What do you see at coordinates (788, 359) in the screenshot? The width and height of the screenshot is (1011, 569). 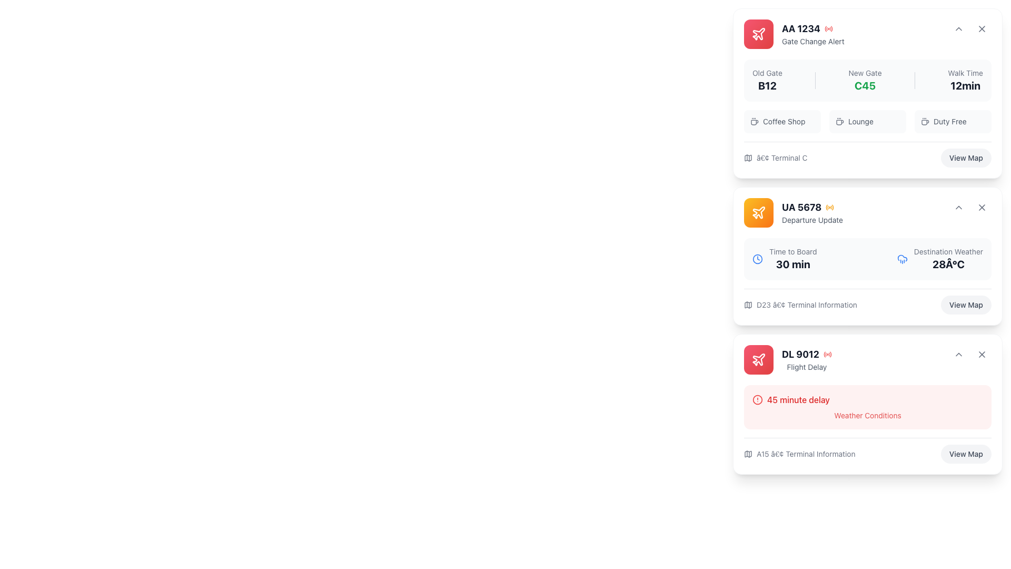 I see `the informational component displaying flight status for flight code DL 9012, which is located at the bottommost position in a vertical stack of cards` at bounding box center [788, 359].